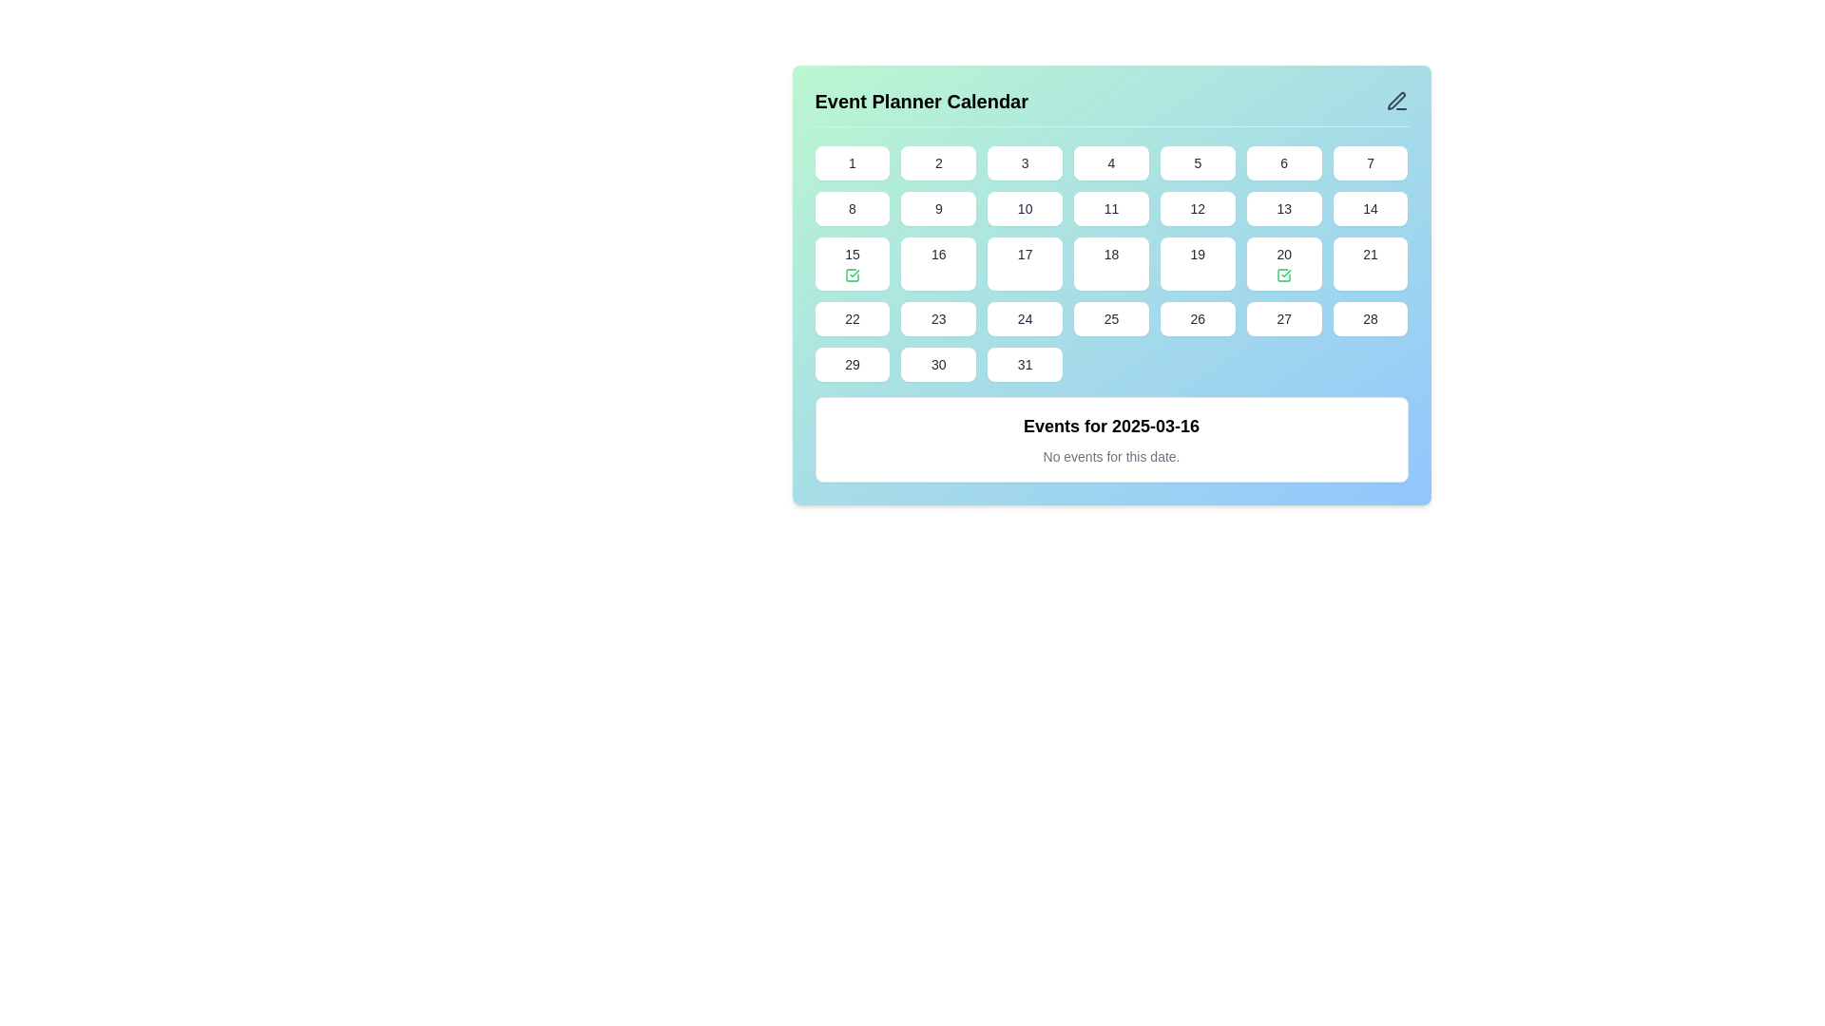  Describe the element at coordinates (1111, 317) in the screenshot. I see `the small rectangular button displaying the date '25' in the calendar grid` at that location.